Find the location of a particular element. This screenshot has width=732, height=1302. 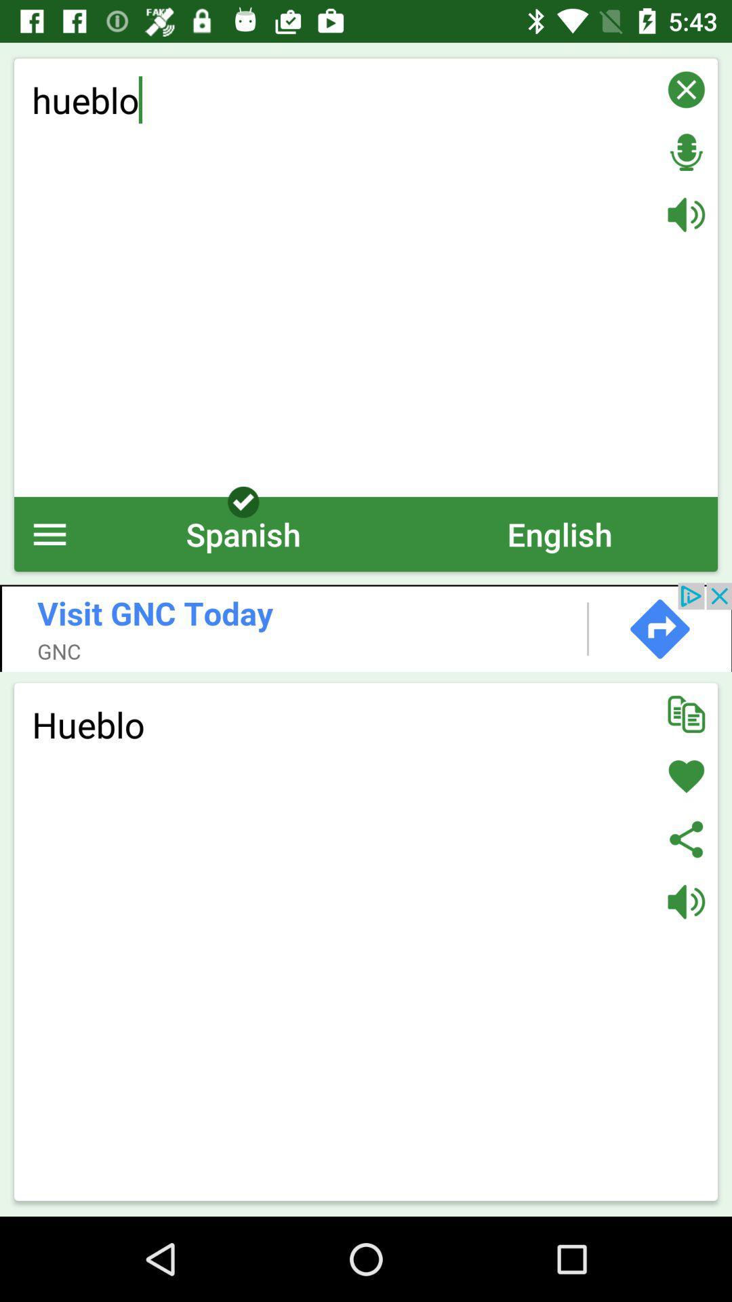

exit is located at coordinates (686, 89).